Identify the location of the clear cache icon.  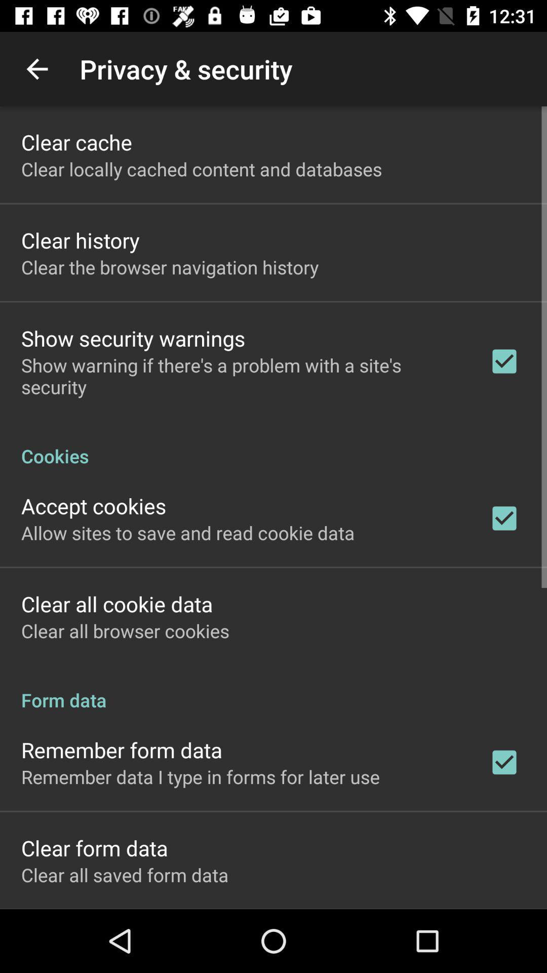
(76, 141).